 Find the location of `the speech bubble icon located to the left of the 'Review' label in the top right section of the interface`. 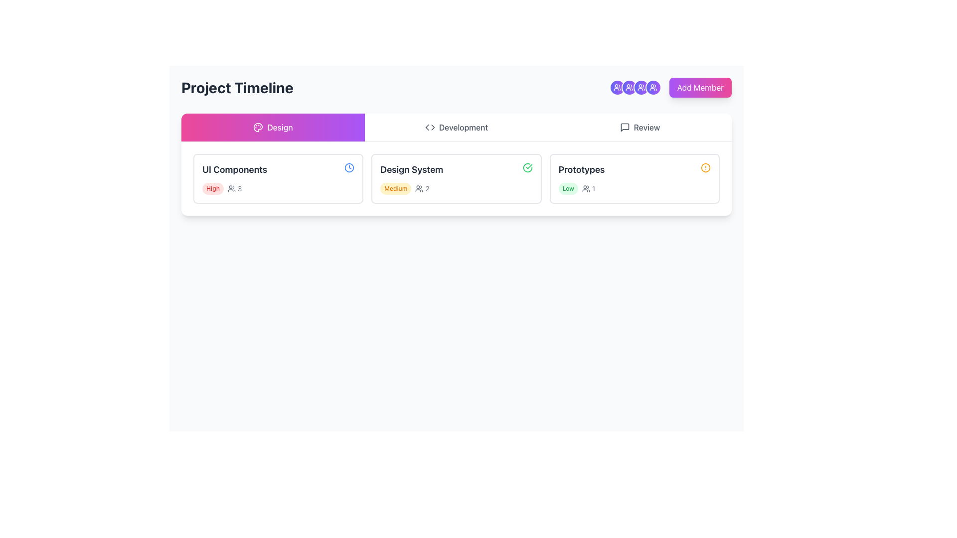

the speech bubble icon located to the left of the 'Review' label in the top right section of the interface is located at coordinates (624, 127).